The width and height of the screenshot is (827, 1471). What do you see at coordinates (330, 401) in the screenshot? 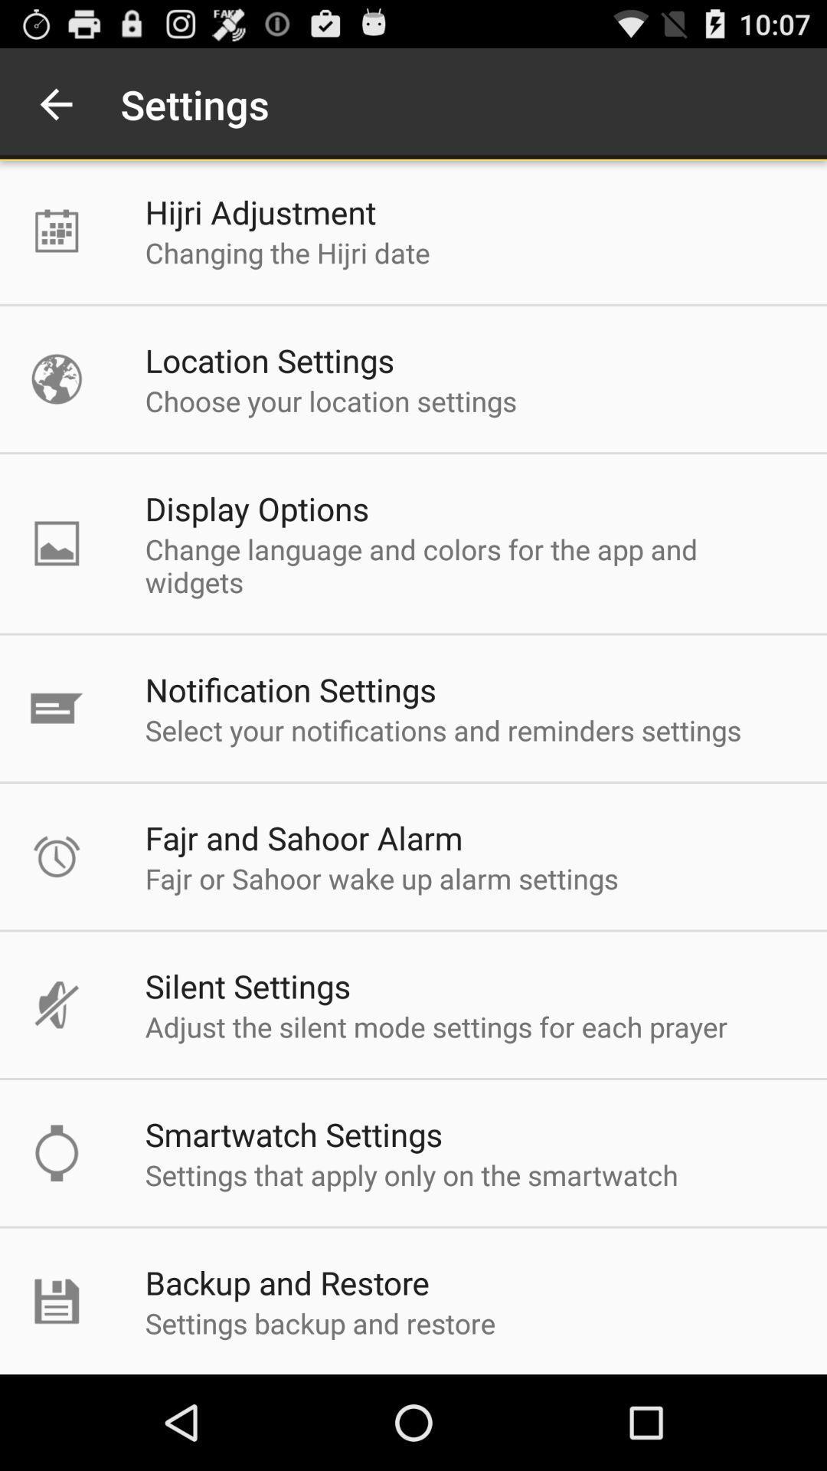
I see `the choose your location` at bounding box center [330, 401].